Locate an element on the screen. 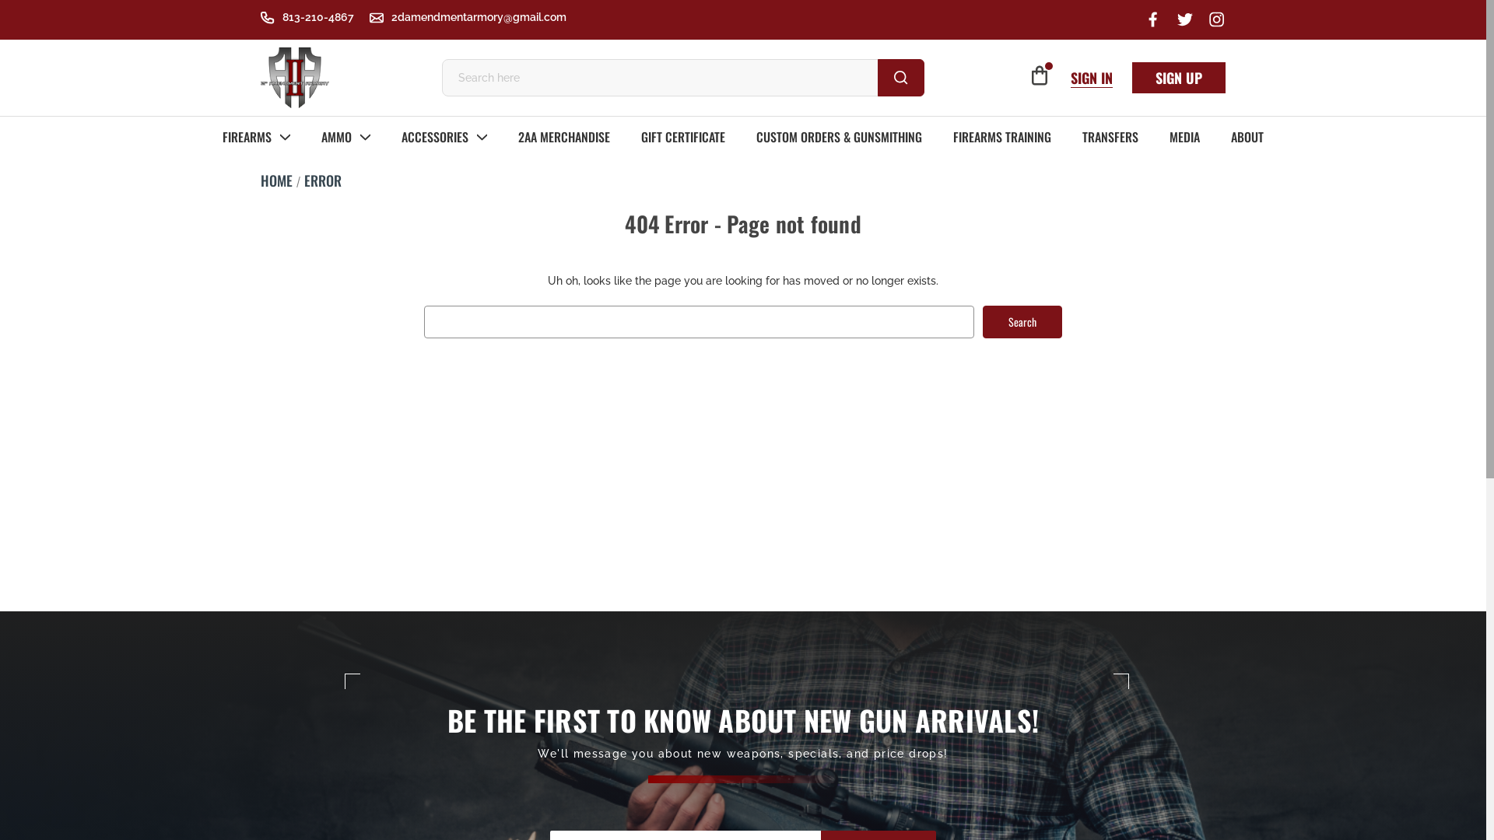  '2AA MERCHANDISE' is located at coordinates (503, 136).